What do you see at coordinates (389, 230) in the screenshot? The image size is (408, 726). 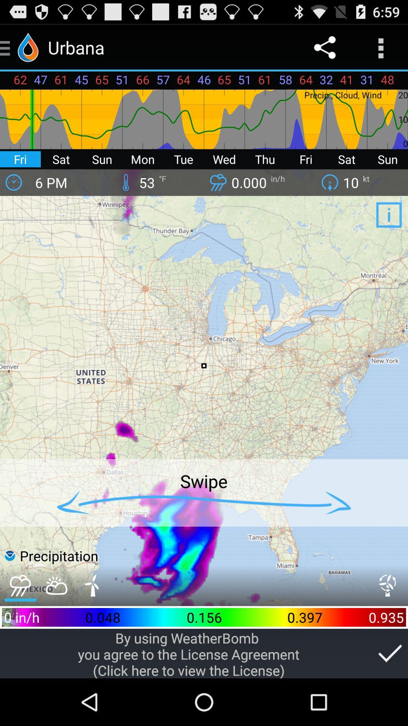 I see `the info icon` at bounding box center [389, 230].